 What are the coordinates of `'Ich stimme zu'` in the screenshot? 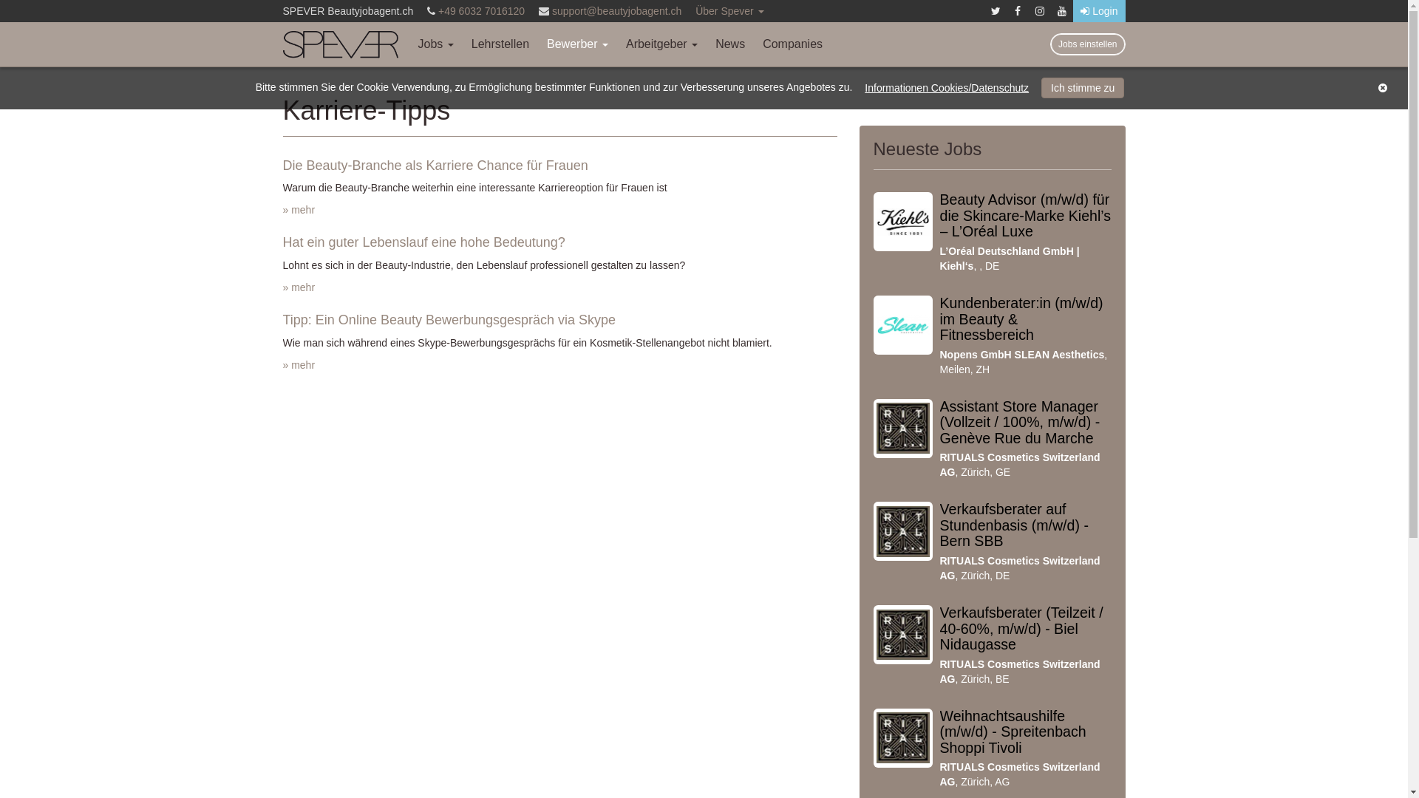 It's located at (1041, 88).